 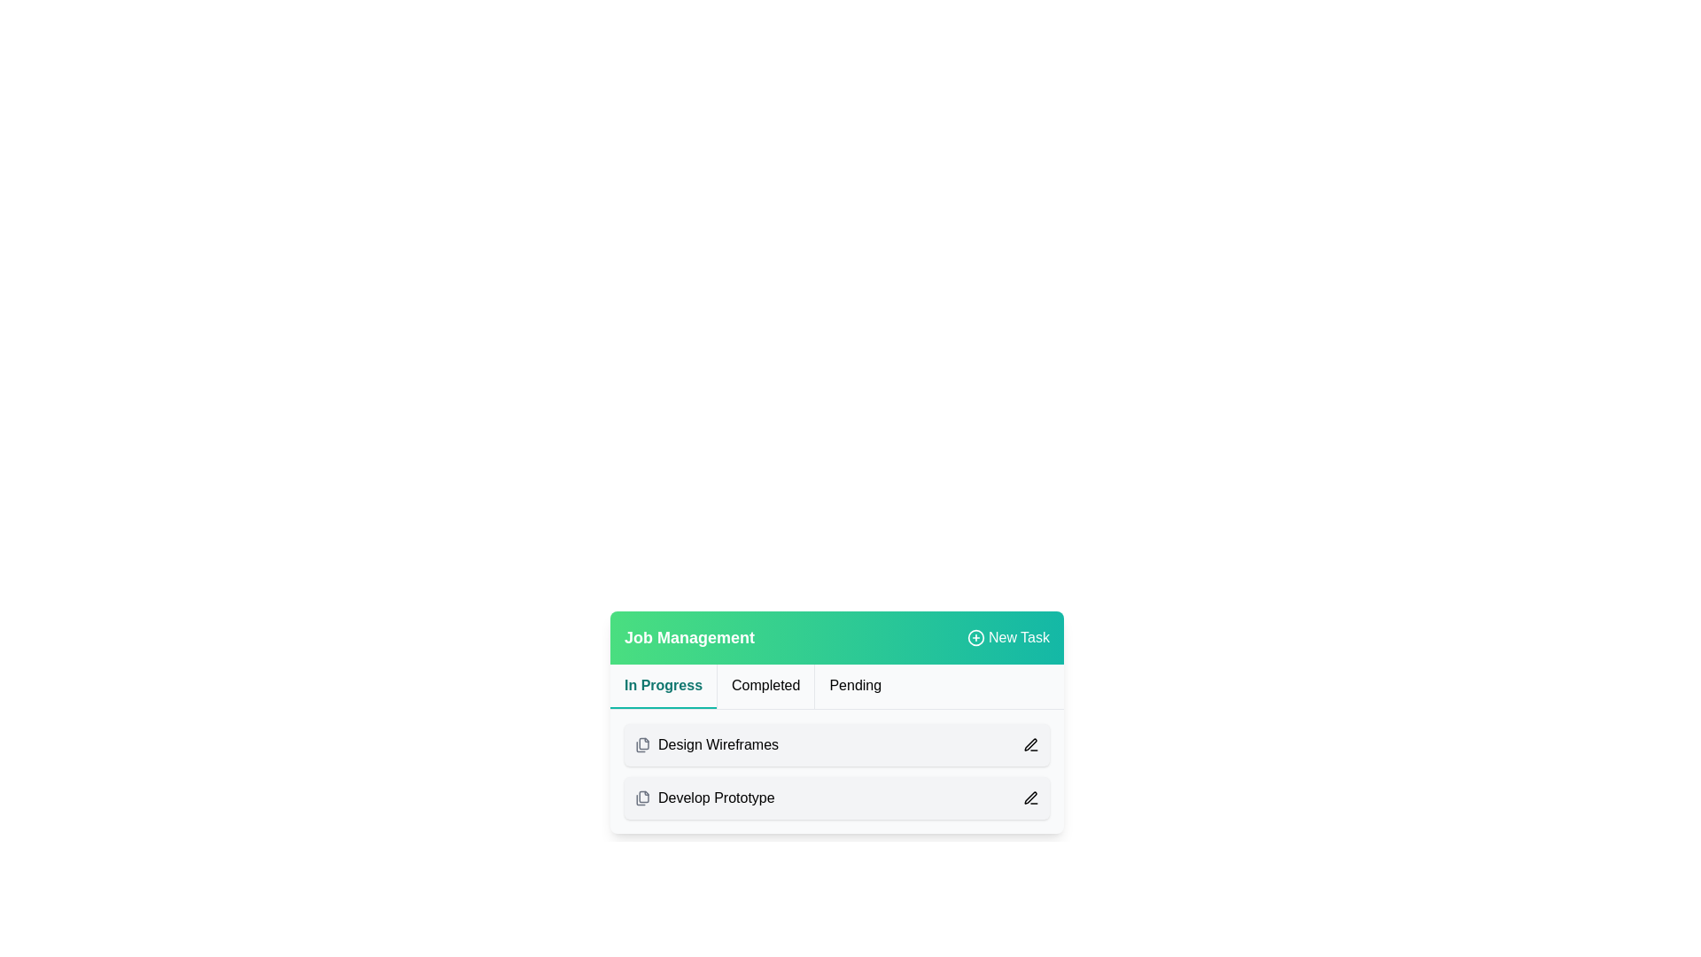 I want to click on the text label displaying 'Design Wireframes' in the task management interface under 'In Progress', so click(x=718, y=744).